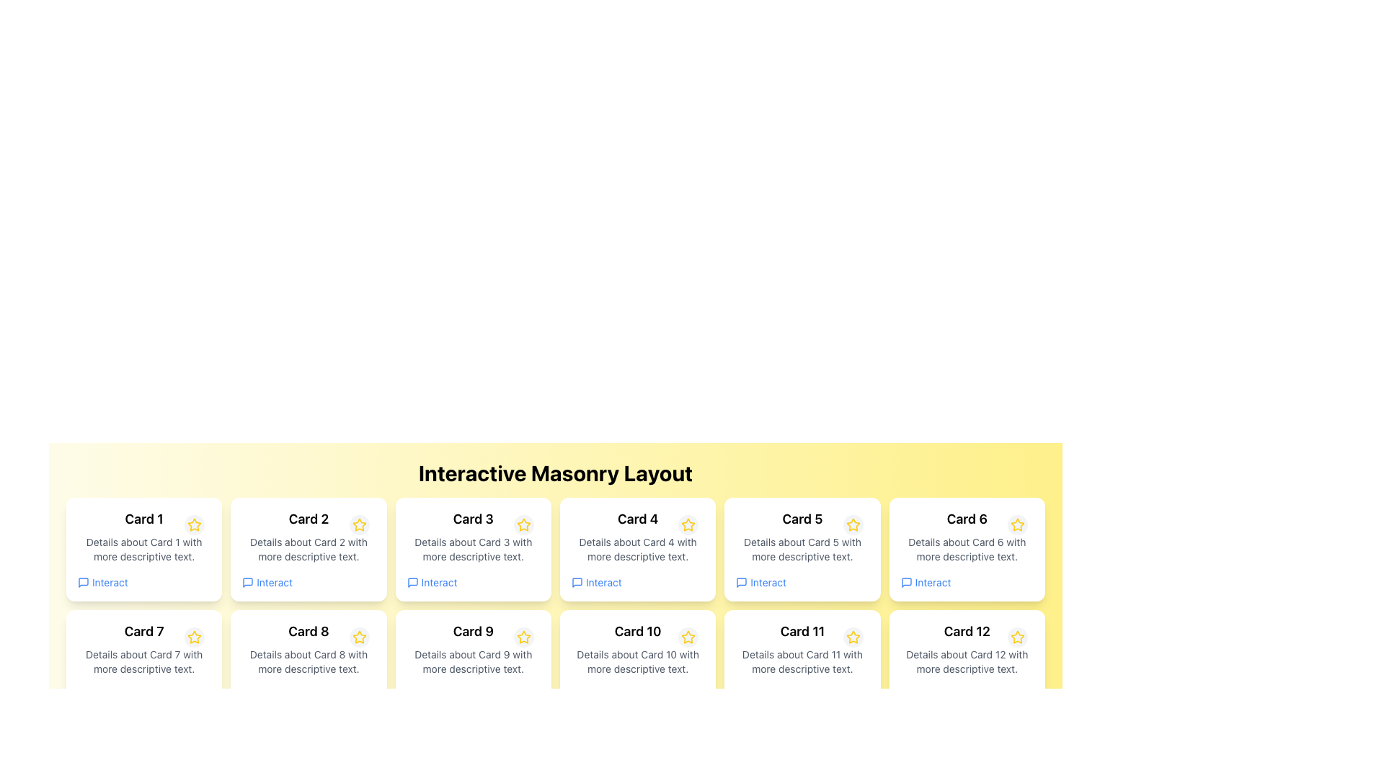 The width and height of the screenshot is (1384, 778). Describe the element at coordinates (637, 661) in the screenshot. I see `descriptive text within the composite card labeled 'Card 10', which is positioned in the second row, third column of the grid layout` at that location.